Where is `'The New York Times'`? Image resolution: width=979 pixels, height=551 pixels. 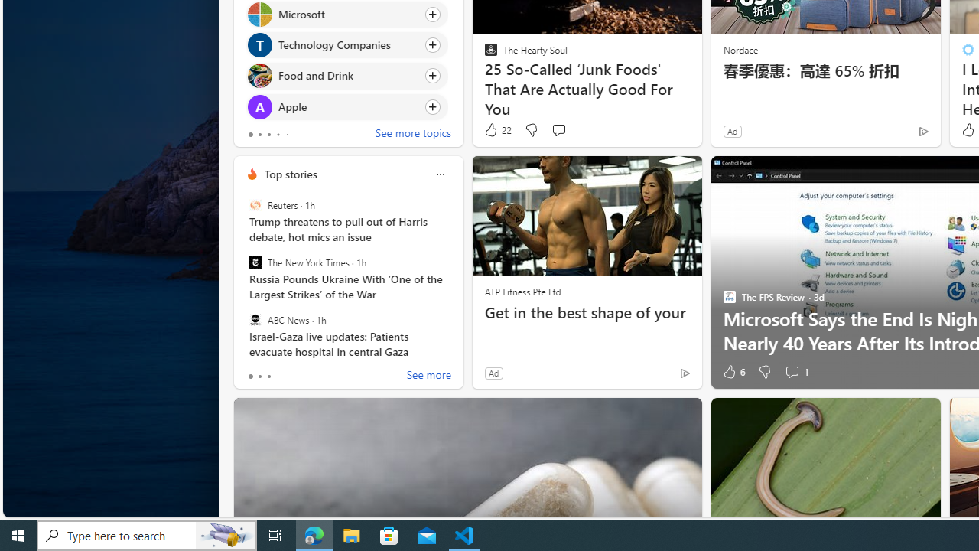
'The New York Times' is located at coordinates (255, 262).